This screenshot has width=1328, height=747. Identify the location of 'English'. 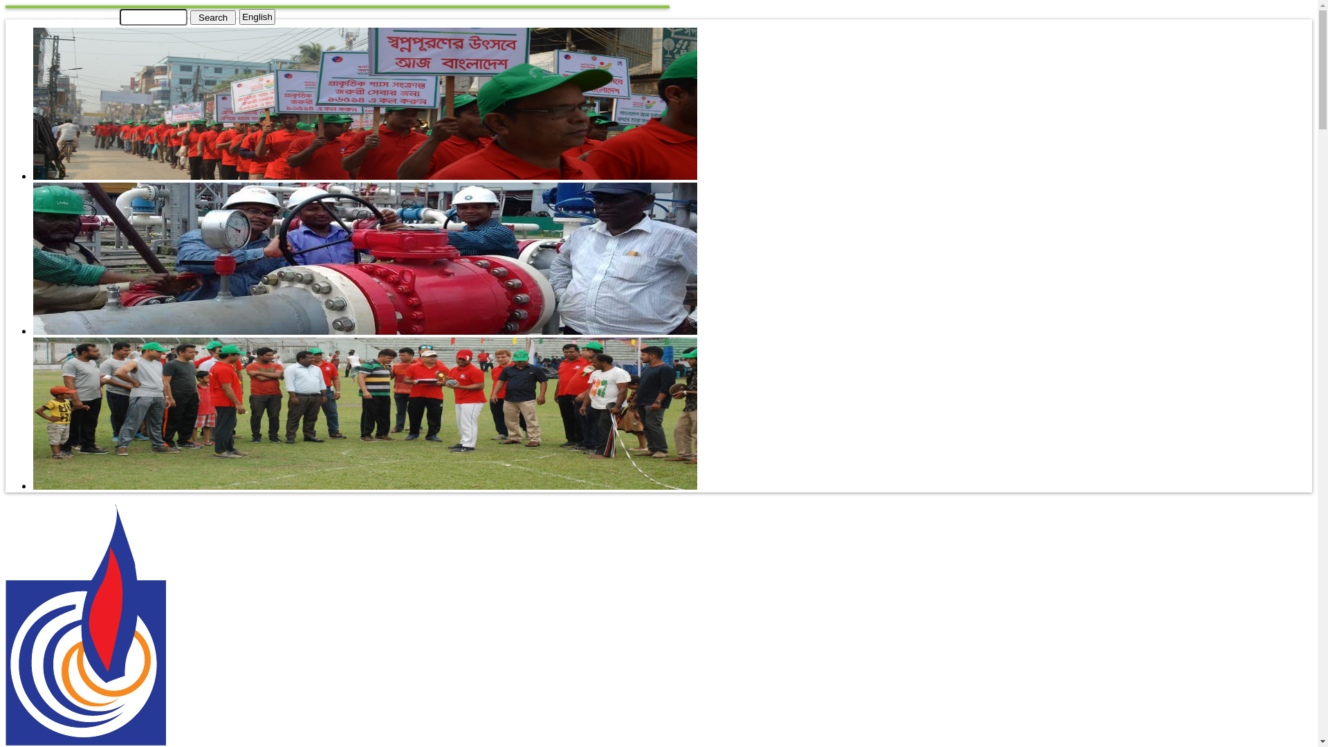
(257, 17).